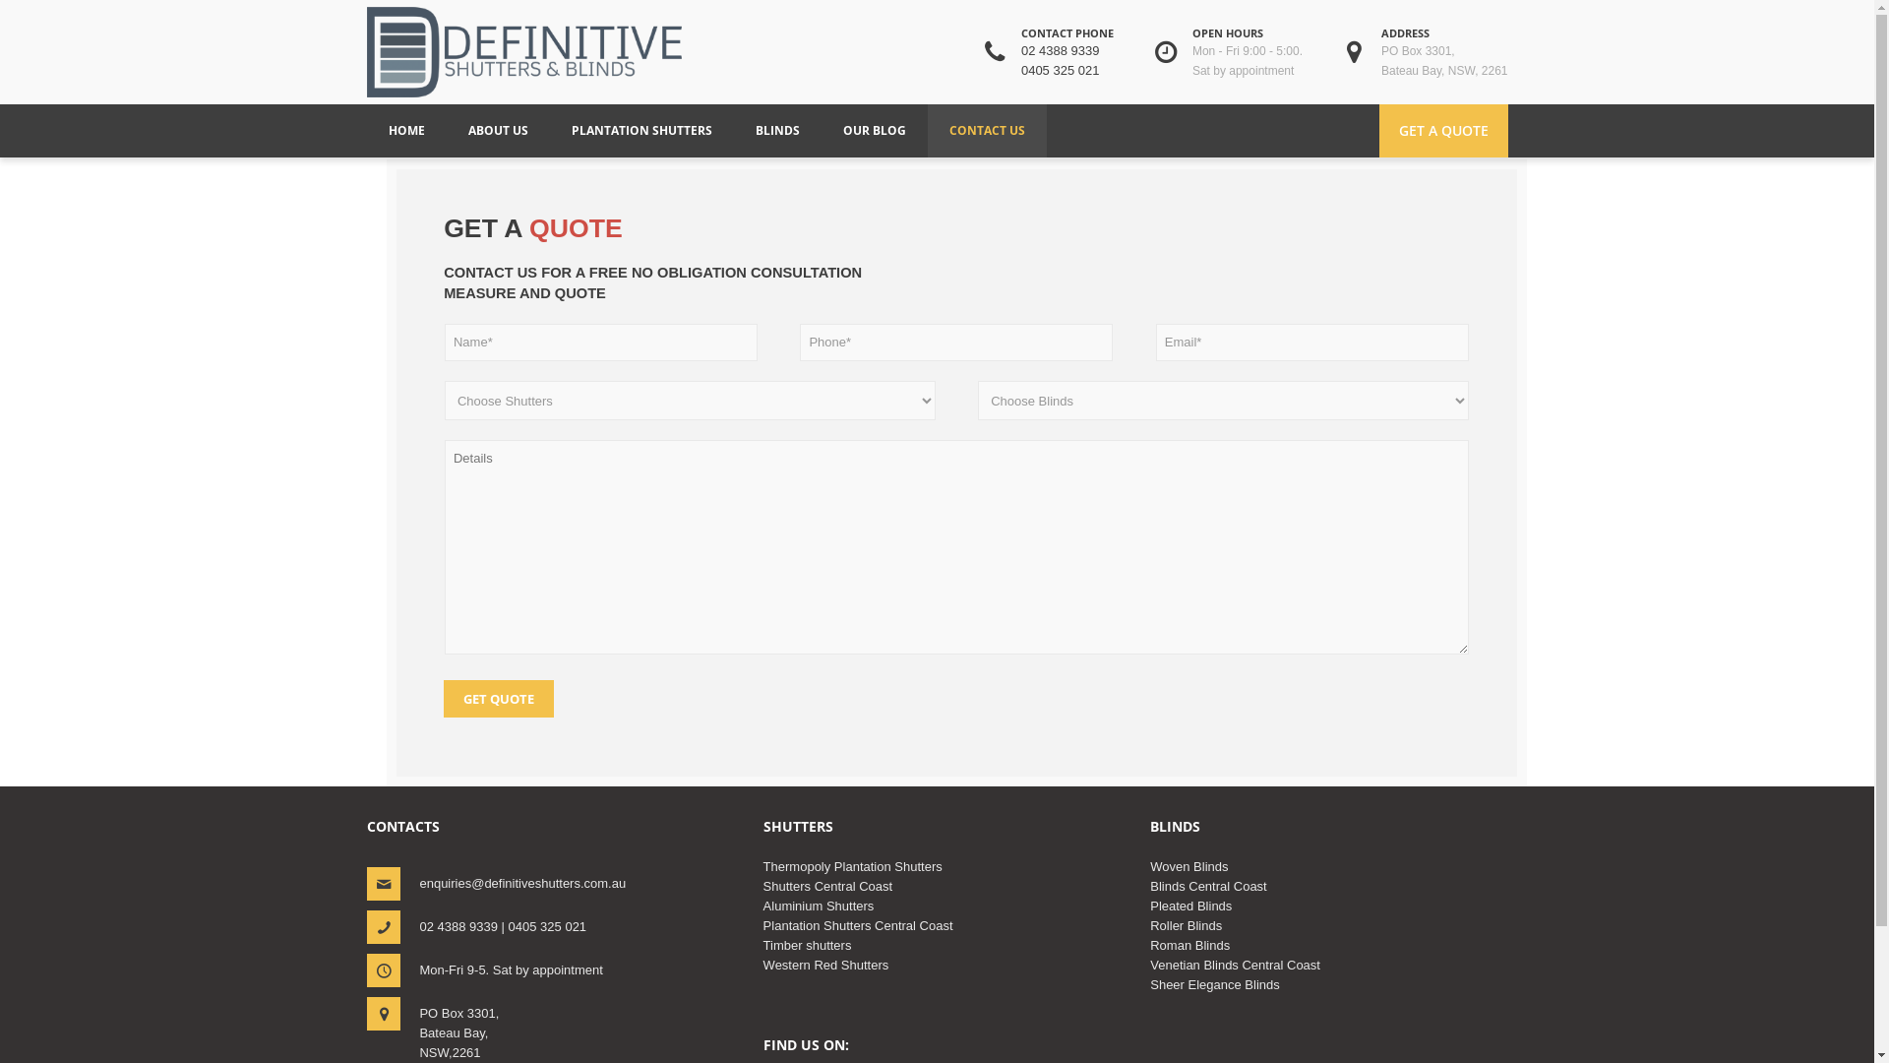  Describe the element at coordinates (1213, 984) in the screenshot. I see `'Sheer Elegance Blinds'` at that location.